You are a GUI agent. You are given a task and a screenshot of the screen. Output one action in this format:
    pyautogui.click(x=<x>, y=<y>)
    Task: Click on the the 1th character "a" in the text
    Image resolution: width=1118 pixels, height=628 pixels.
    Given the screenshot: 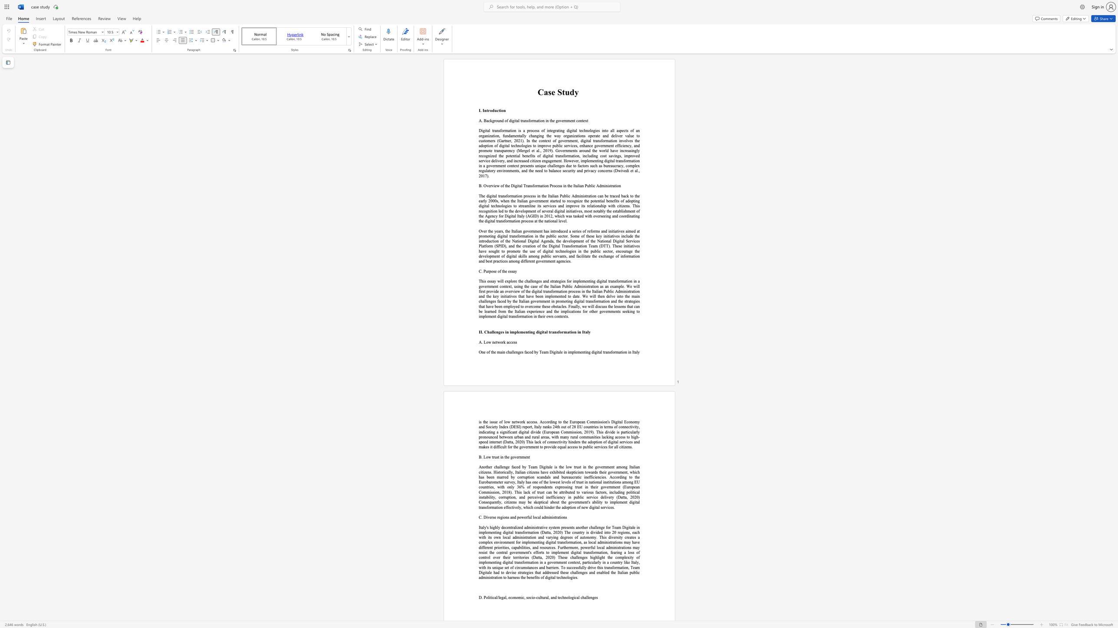 What is the action you would take?
    pyautogui.click(x=514, y=271)
    